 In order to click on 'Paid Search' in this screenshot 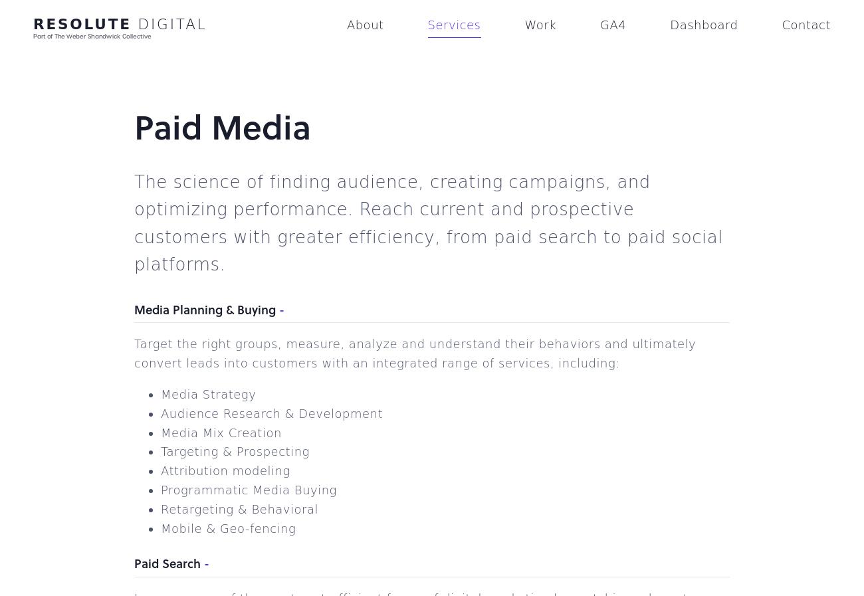, I will do `click(166, 563)`.